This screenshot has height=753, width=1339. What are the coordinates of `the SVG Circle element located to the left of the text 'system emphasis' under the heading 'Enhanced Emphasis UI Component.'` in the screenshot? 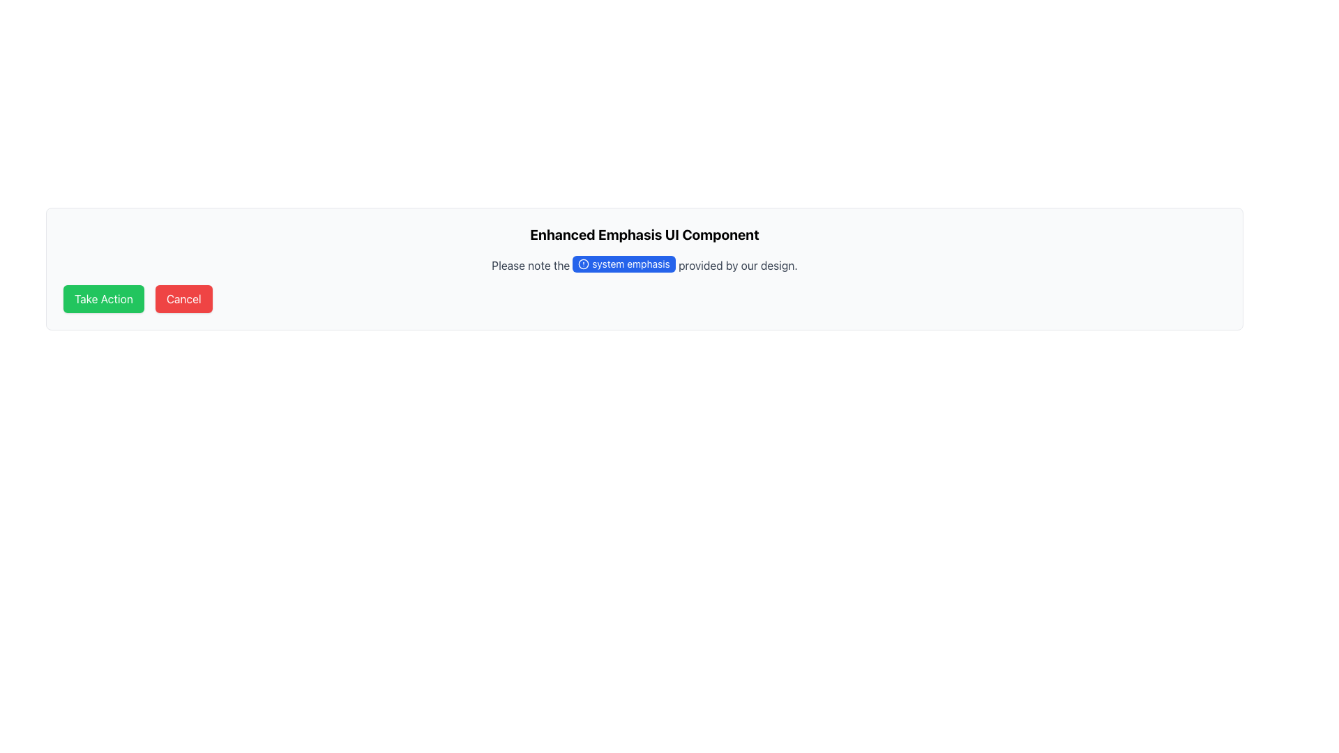 It's located at (584, 264).